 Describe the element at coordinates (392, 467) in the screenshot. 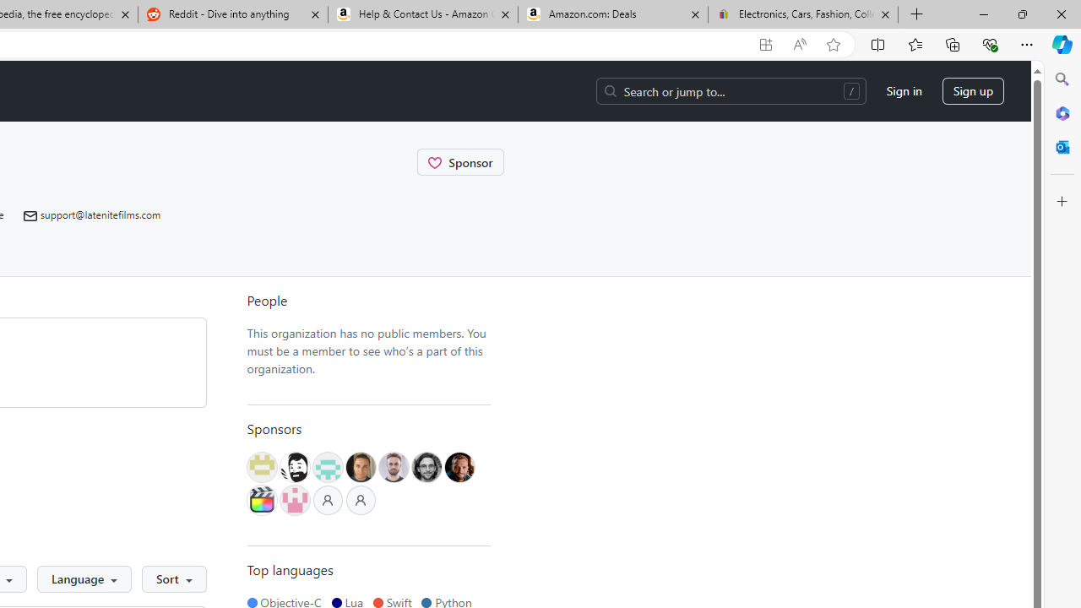

I see `'@samplue'` at that location.